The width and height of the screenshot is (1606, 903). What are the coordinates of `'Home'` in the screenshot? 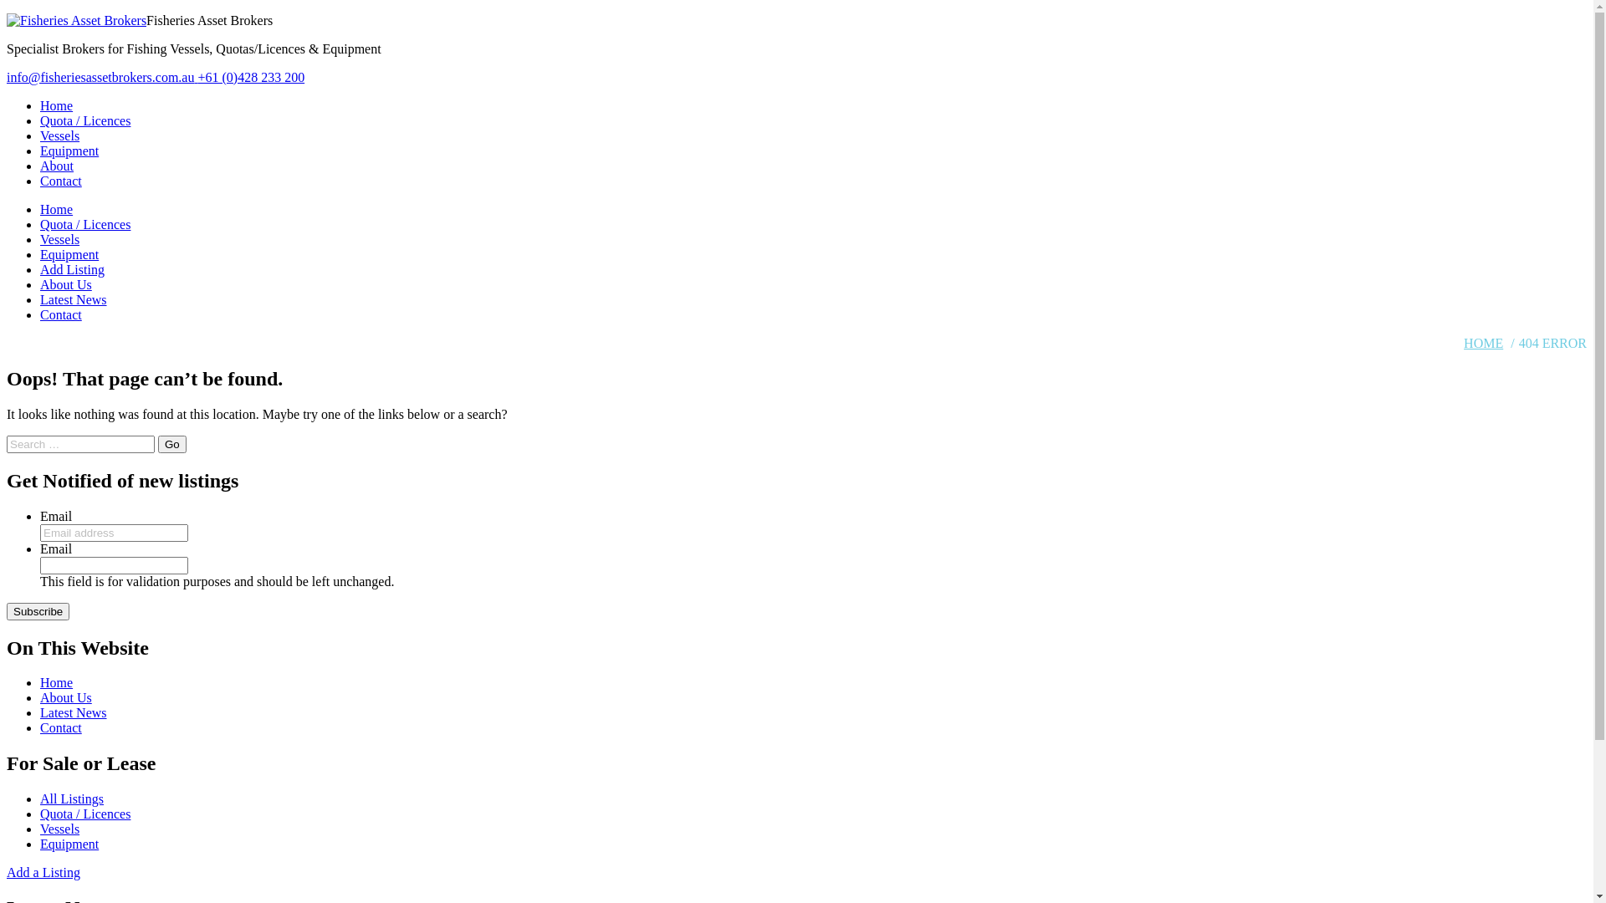 It's located at (40, 208).